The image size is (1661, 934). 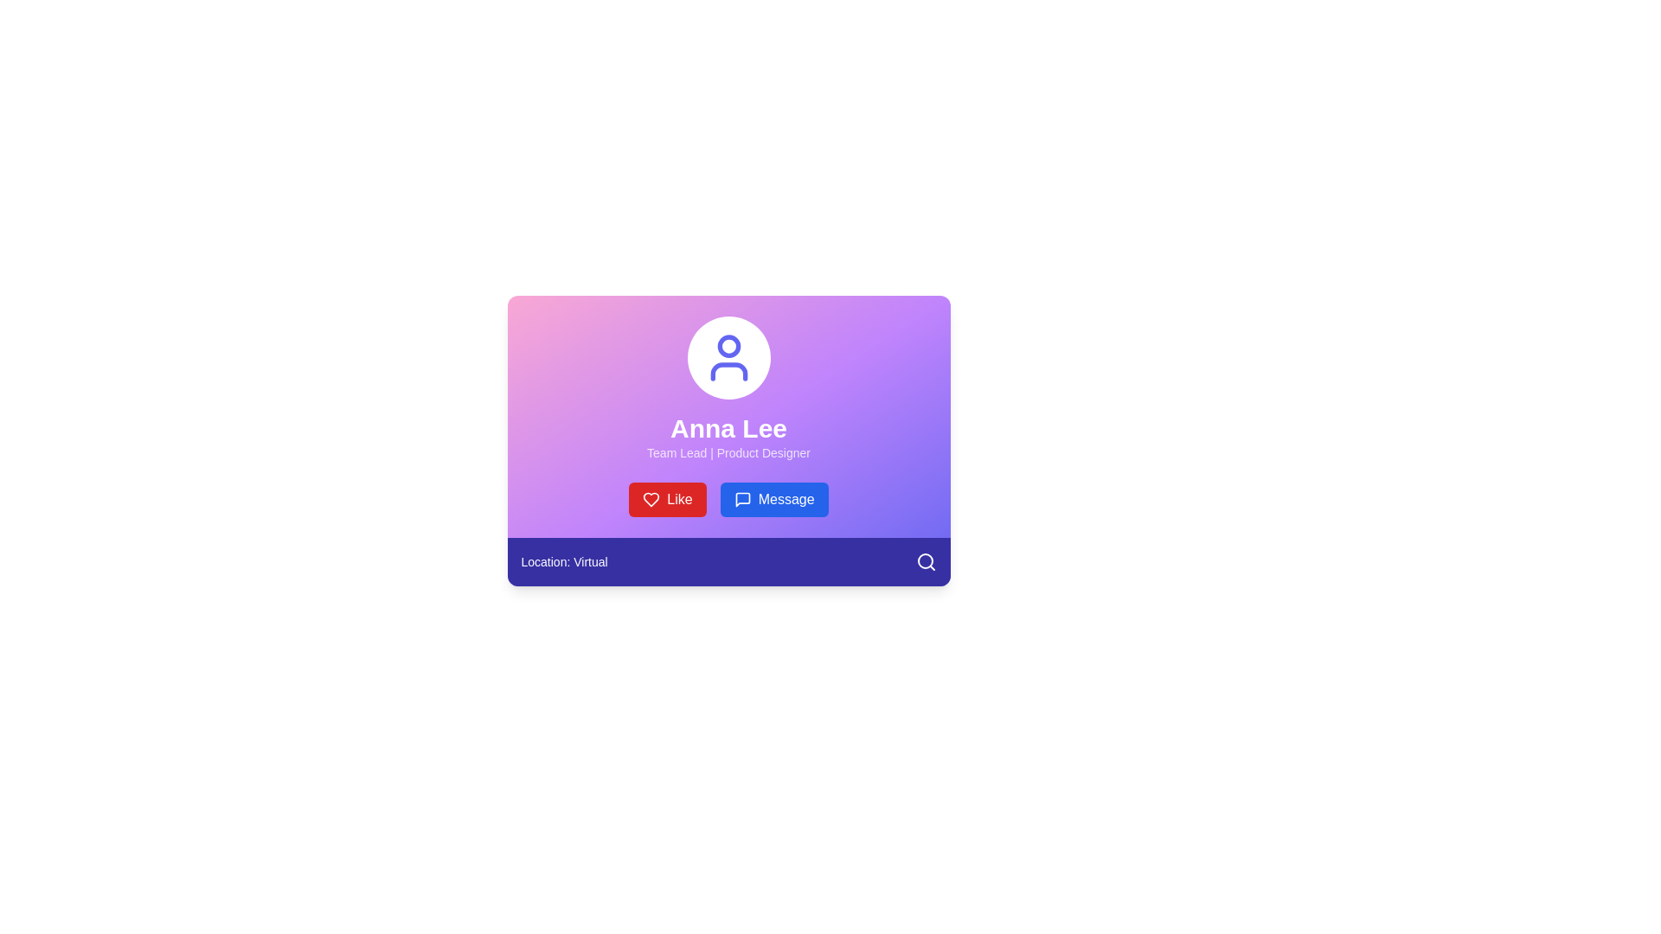 I want to click on text element displaying the name of the individual in the user profile card, located below the avatar icon and above the descriptor text 'Team Lead | Product Designer', so click(x=728, y=428).